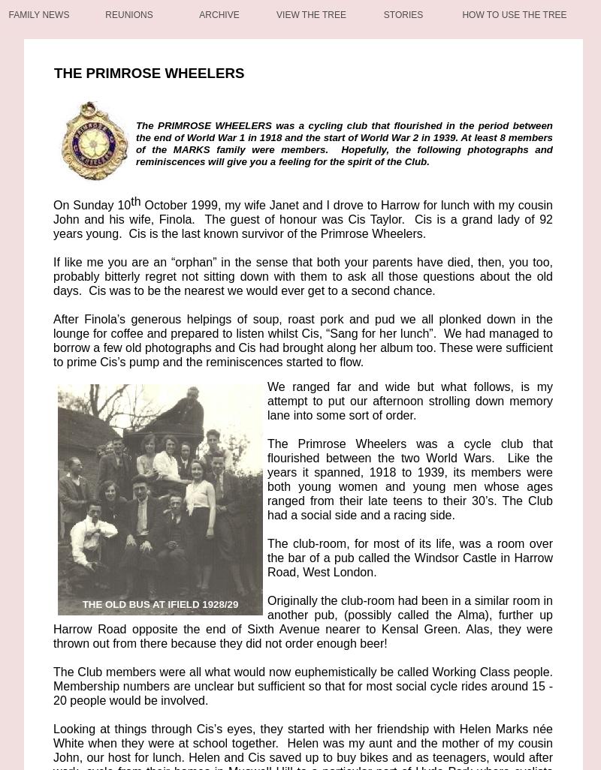 Image resolution: width=601 pixels, height=770 pixels. What do you see at coordinates (130, 700) in the screenshot?
I see `'20 people would be involved.'` at bounding box center [130, 700].